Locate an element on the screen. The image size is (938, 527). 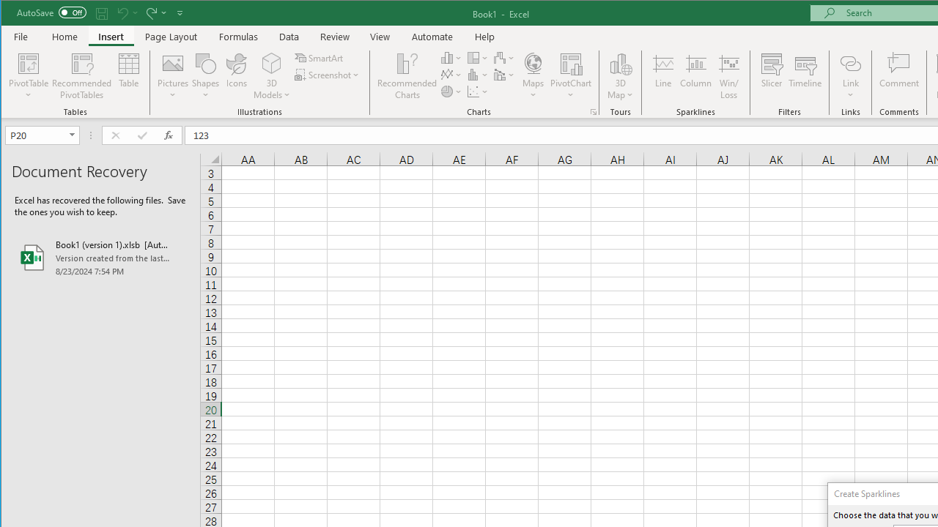
'3D Models' is located at coordinates (272, 62).